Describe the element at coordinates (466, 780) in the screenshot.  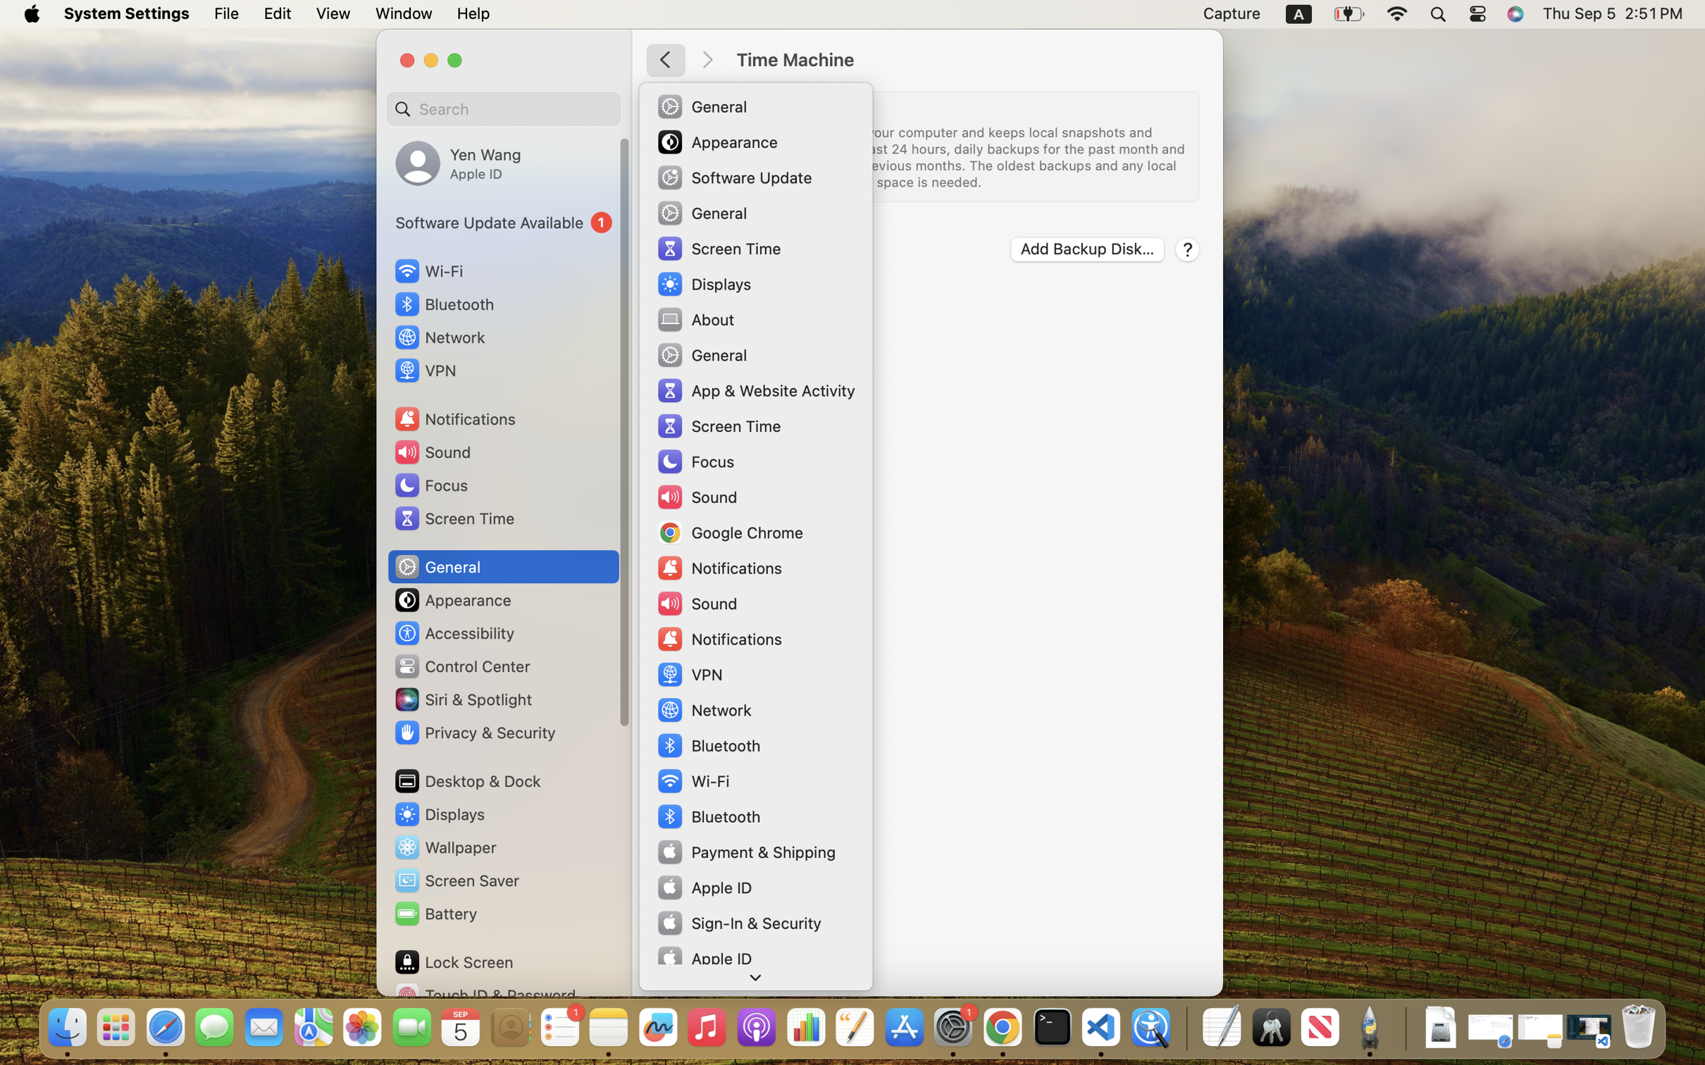
I see `'Desktop & Dock'` at that location.